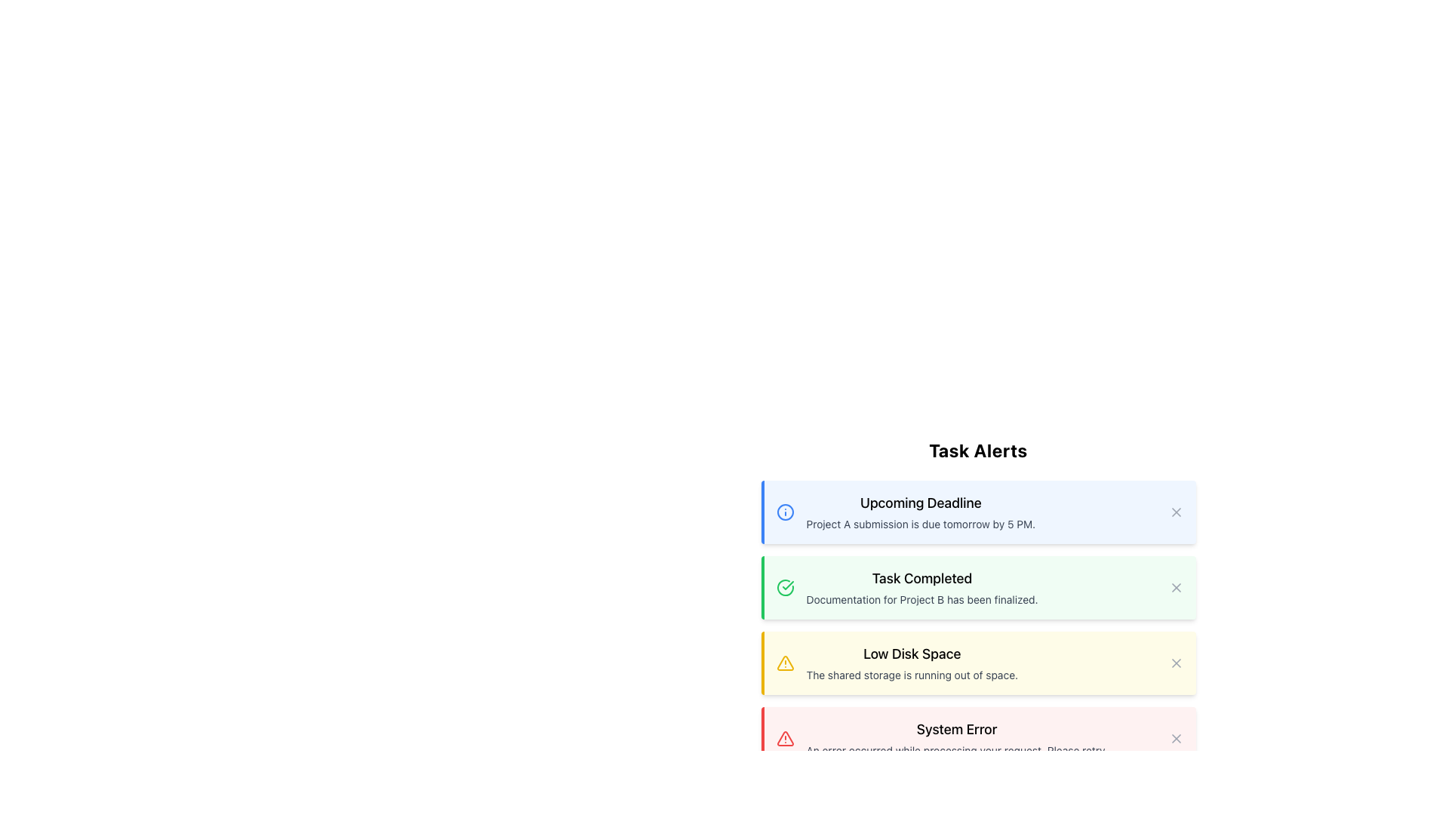  I want to click on information from the Notification alert box that indicates the completion of documentation for Project B, which is visually represented in a light green alert box located in the second row of alerts, so click(921, 587).